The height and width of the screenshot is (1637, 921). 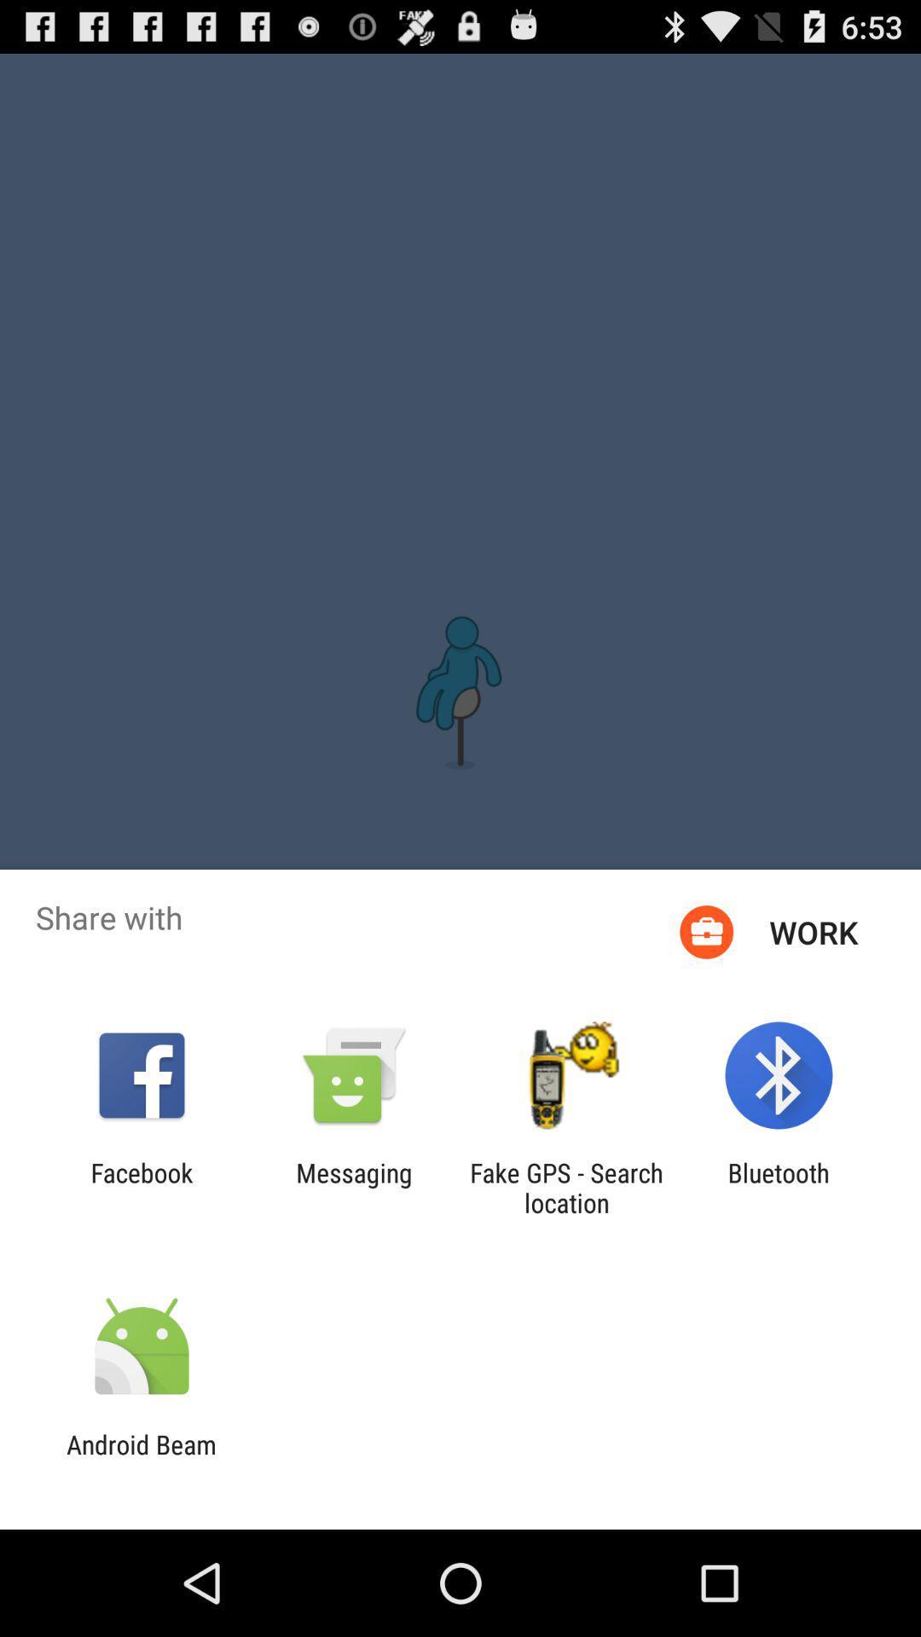 What do you see at coordinates (353, 1187) in the screenshot?
I see `the messaging item` at bounding box center [353, 1187].